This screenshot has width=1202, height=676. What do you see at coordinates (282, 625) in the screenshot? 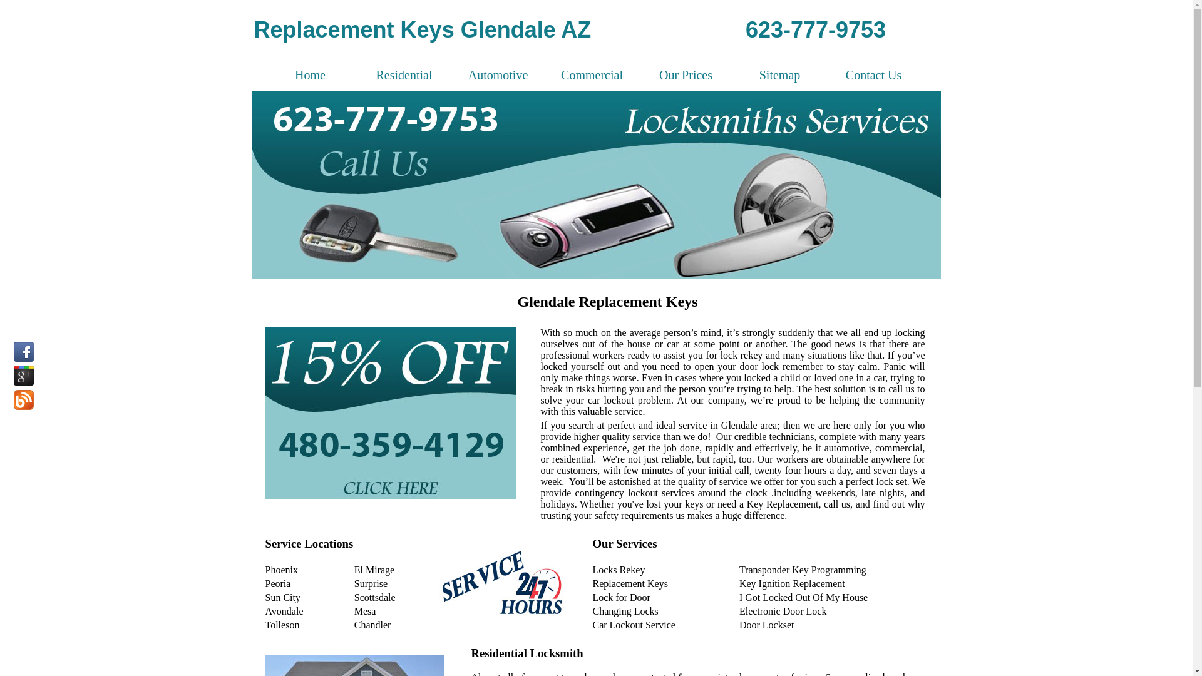
I see `'Tolleson'` at bounding box center [282, 625].